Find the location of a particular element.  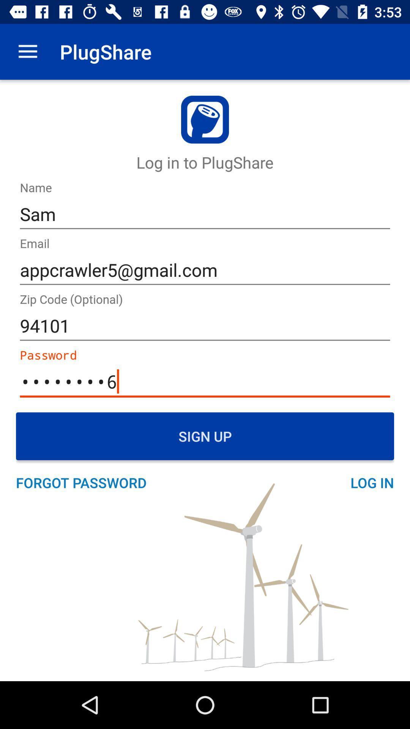

the icon to the left of the plugshare item is located at coordinates (27, 51).